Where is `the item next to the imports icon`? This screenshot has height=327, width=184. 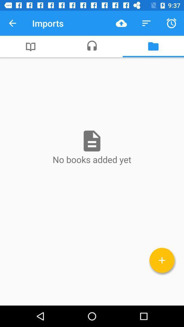 the item next to the imports icon is located at coordinates (12, 23).